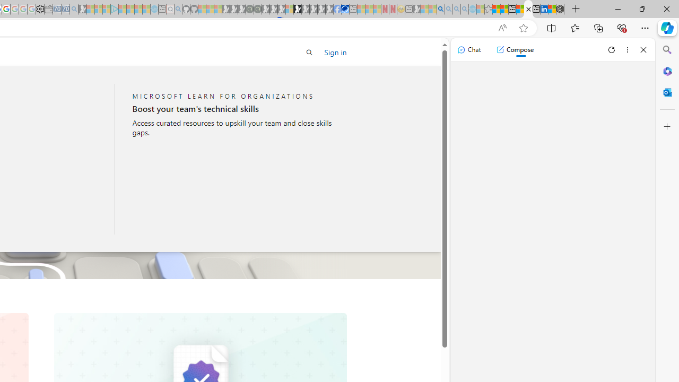 The height and width of the screenshot is (382, 679). Describe the element at coordinates (309, 52) in the screenshot. I see `'Open search'` at that location.